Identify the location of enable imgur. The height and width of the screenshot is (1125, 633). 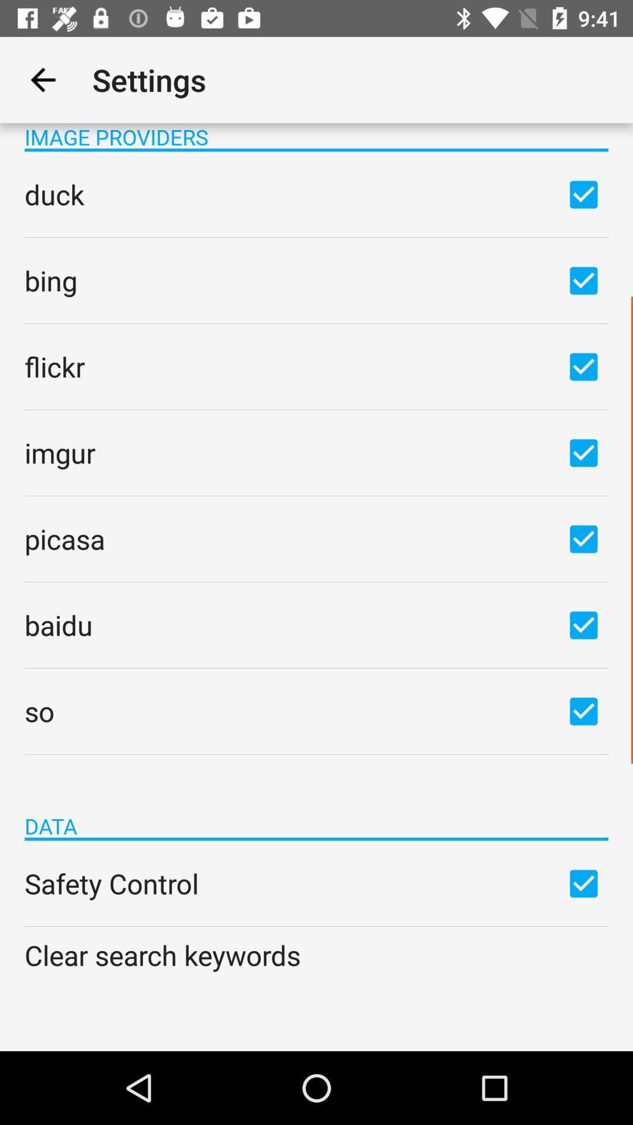
(583, 452).